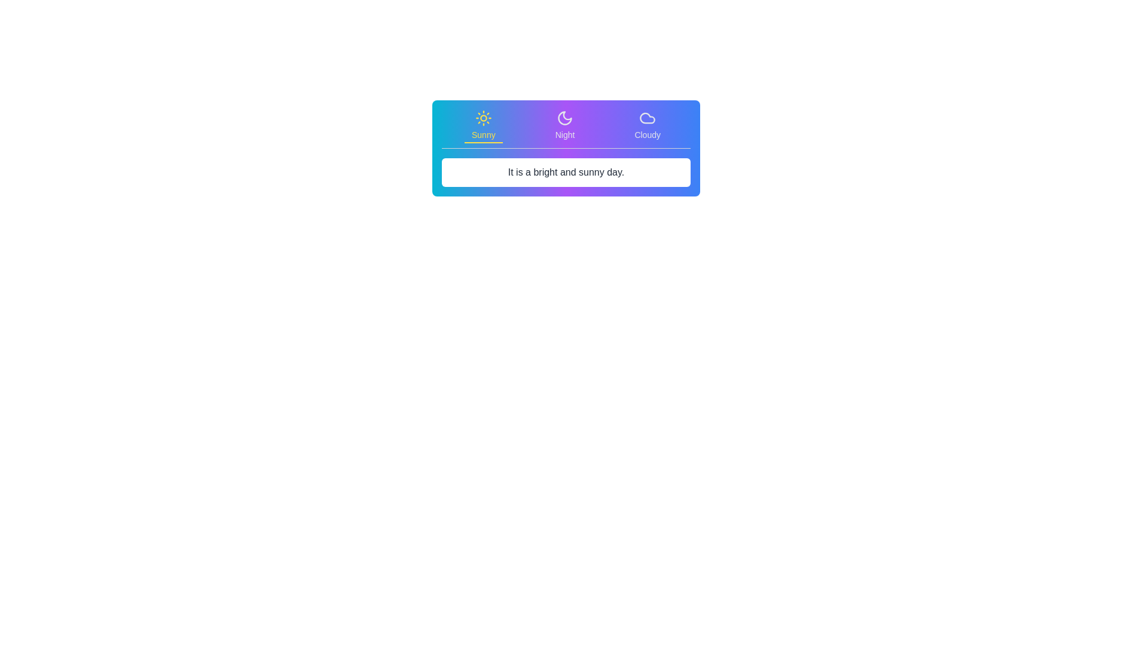  What do you see at coordinates (647, 125) in the screenshot?
I see `the 'Cloudy' state button in the weather-related user interface` at bounding box center [647, 125].